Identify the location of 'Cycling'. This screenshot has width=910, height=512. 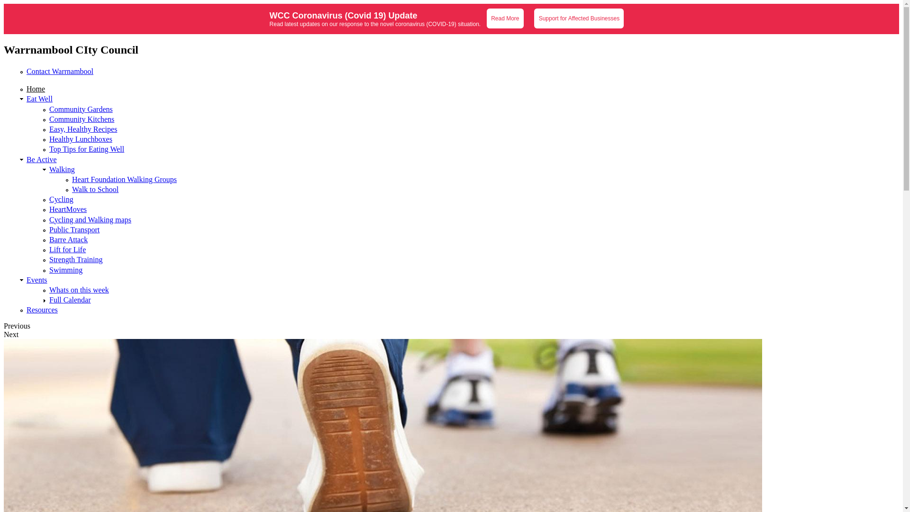
(61, 199).